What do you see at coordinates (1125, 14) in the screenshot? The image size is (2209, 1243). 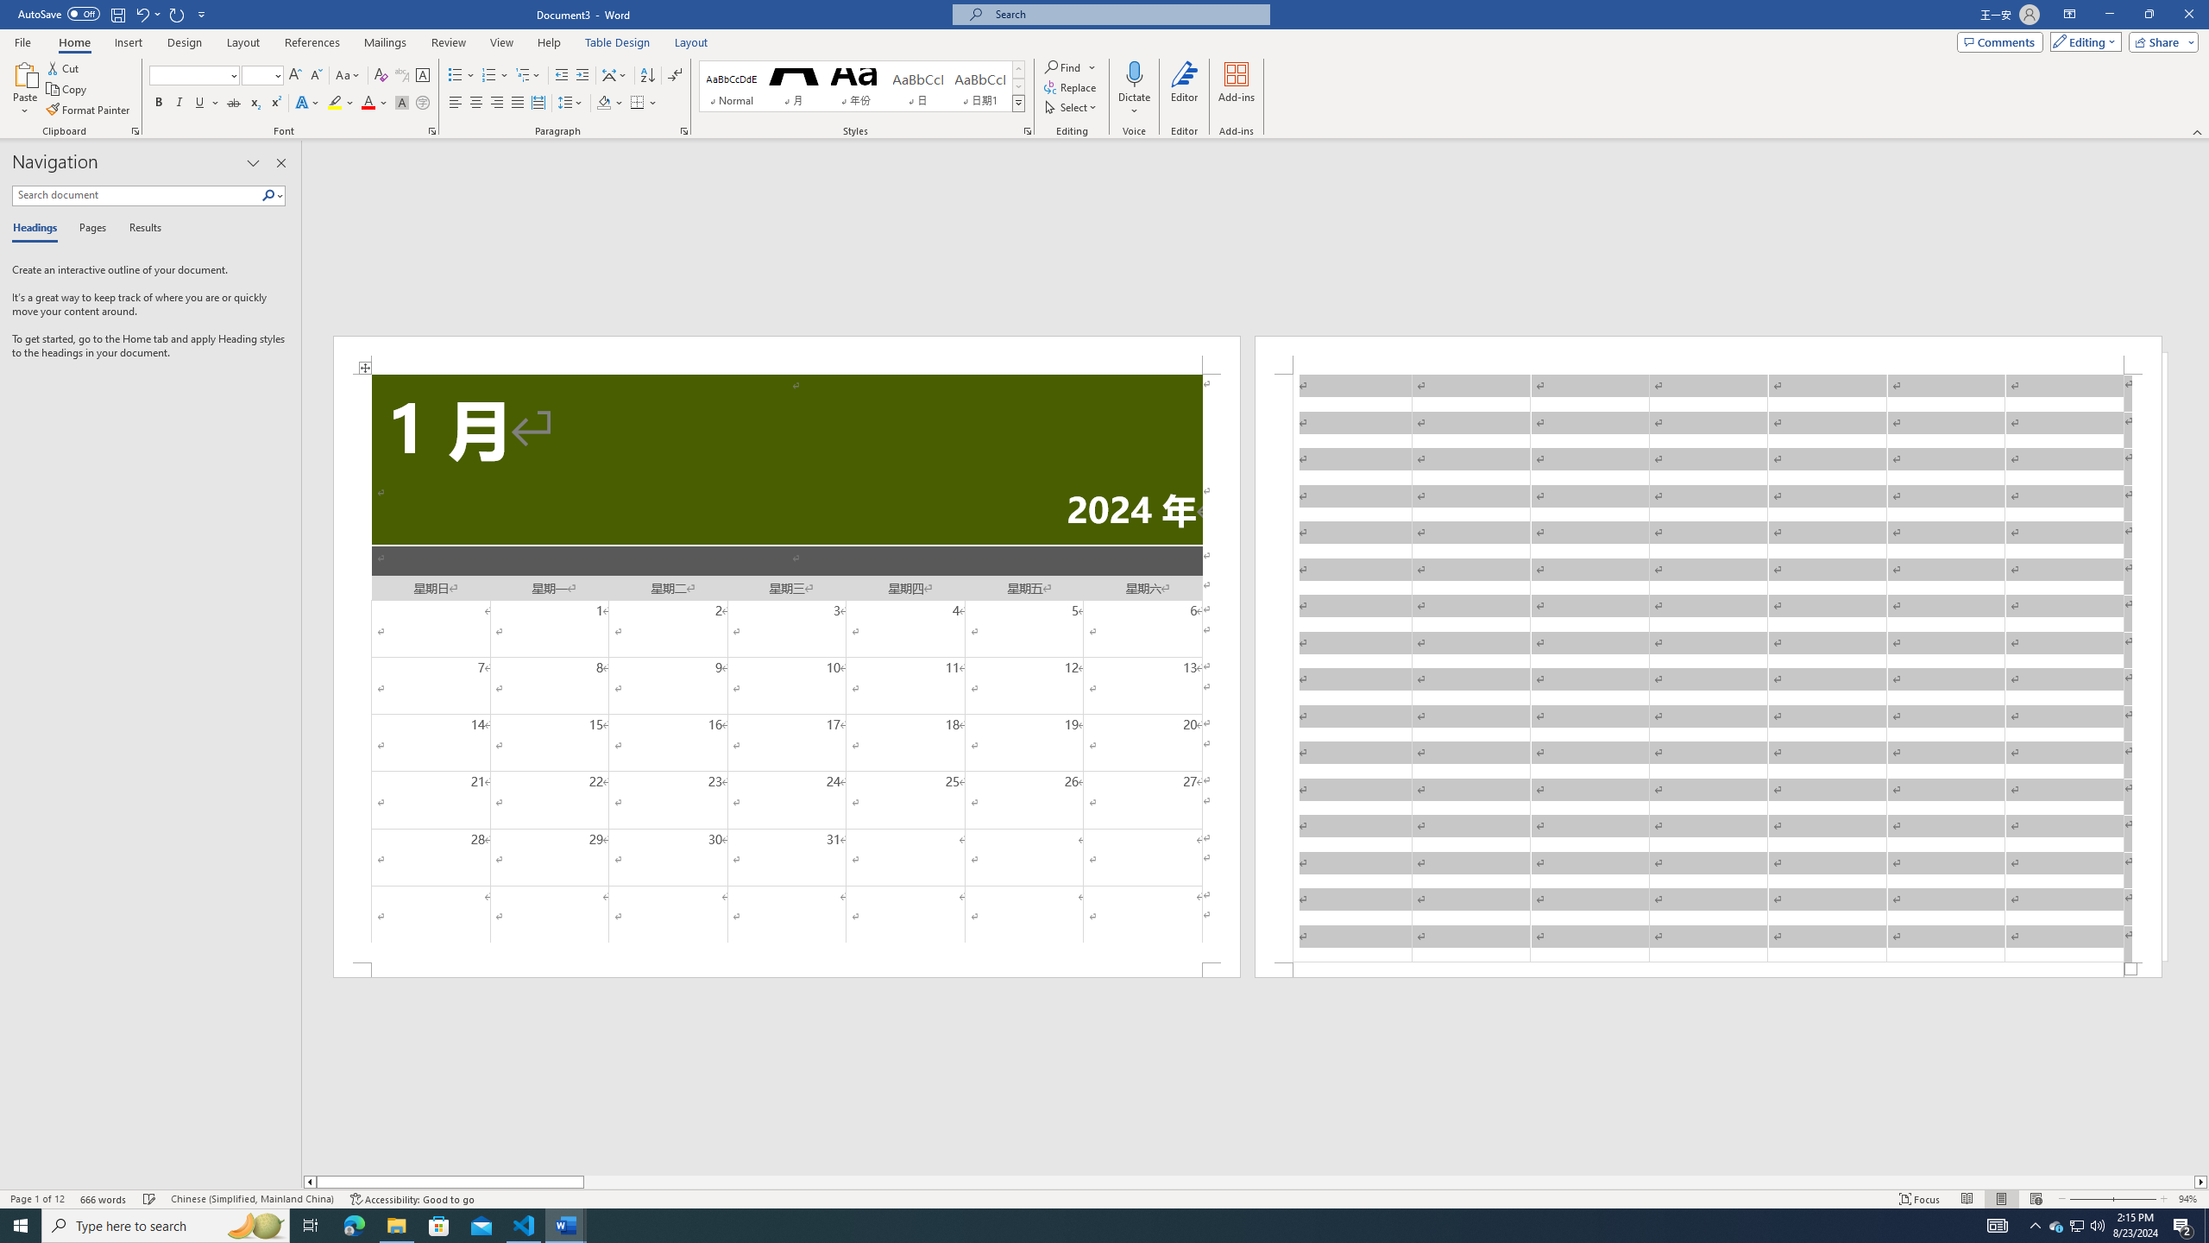 I see `'Microsoft search'` at bounding box center [1125, 14].